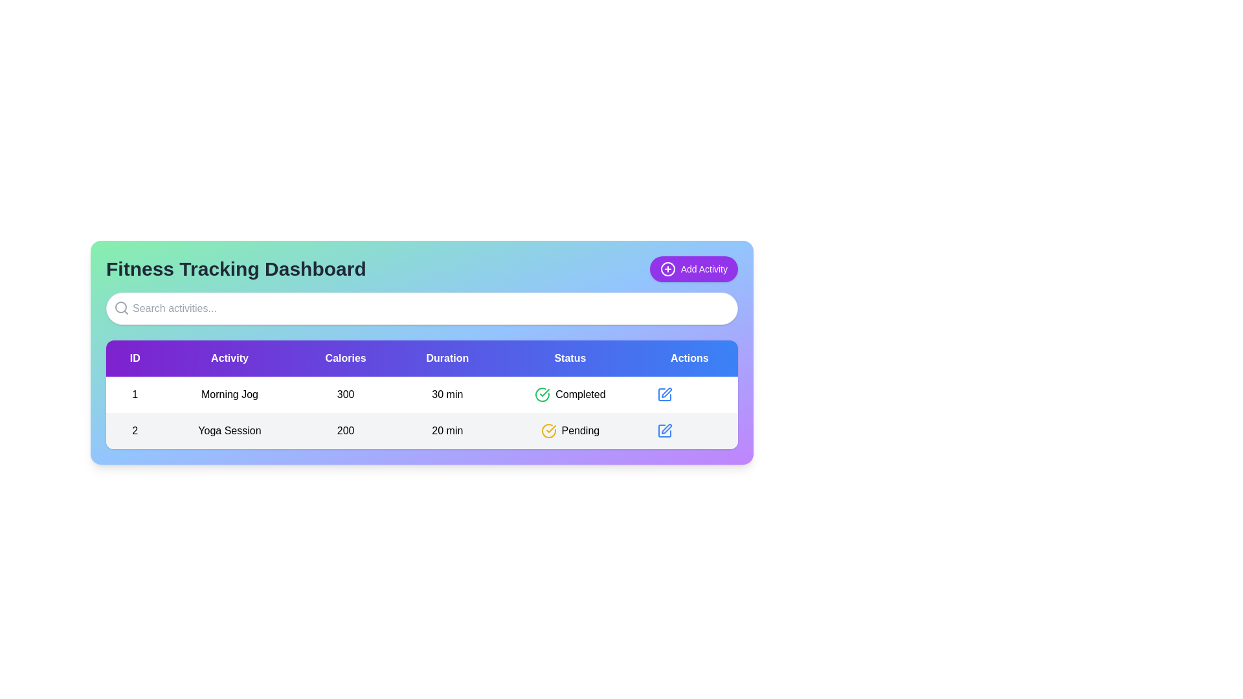  I want to click on the 'Pending' status label in the second row of the table, located between the yellow circular checkmark icon and the 'Actions' column, so click(579, 431).